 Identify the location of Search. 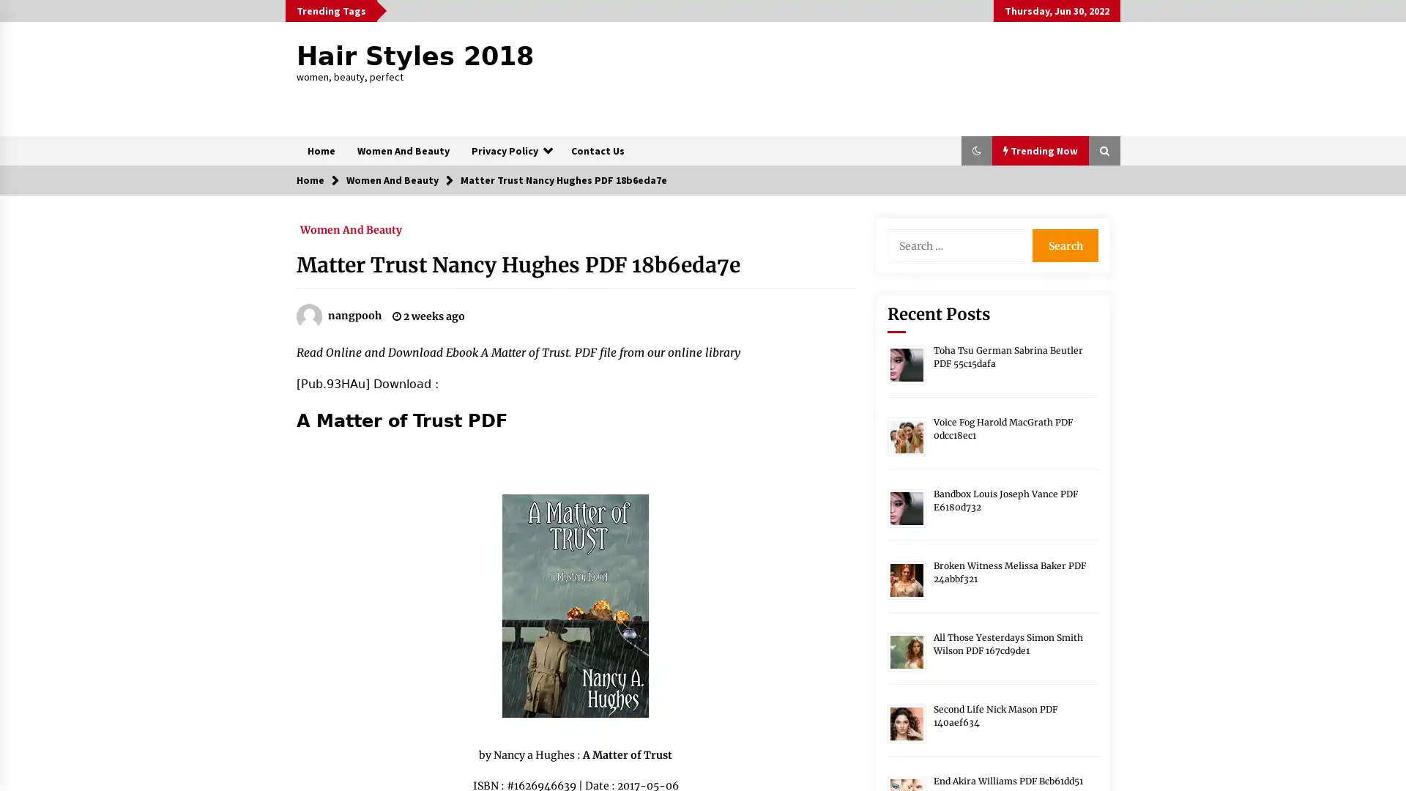
(1065, 245).